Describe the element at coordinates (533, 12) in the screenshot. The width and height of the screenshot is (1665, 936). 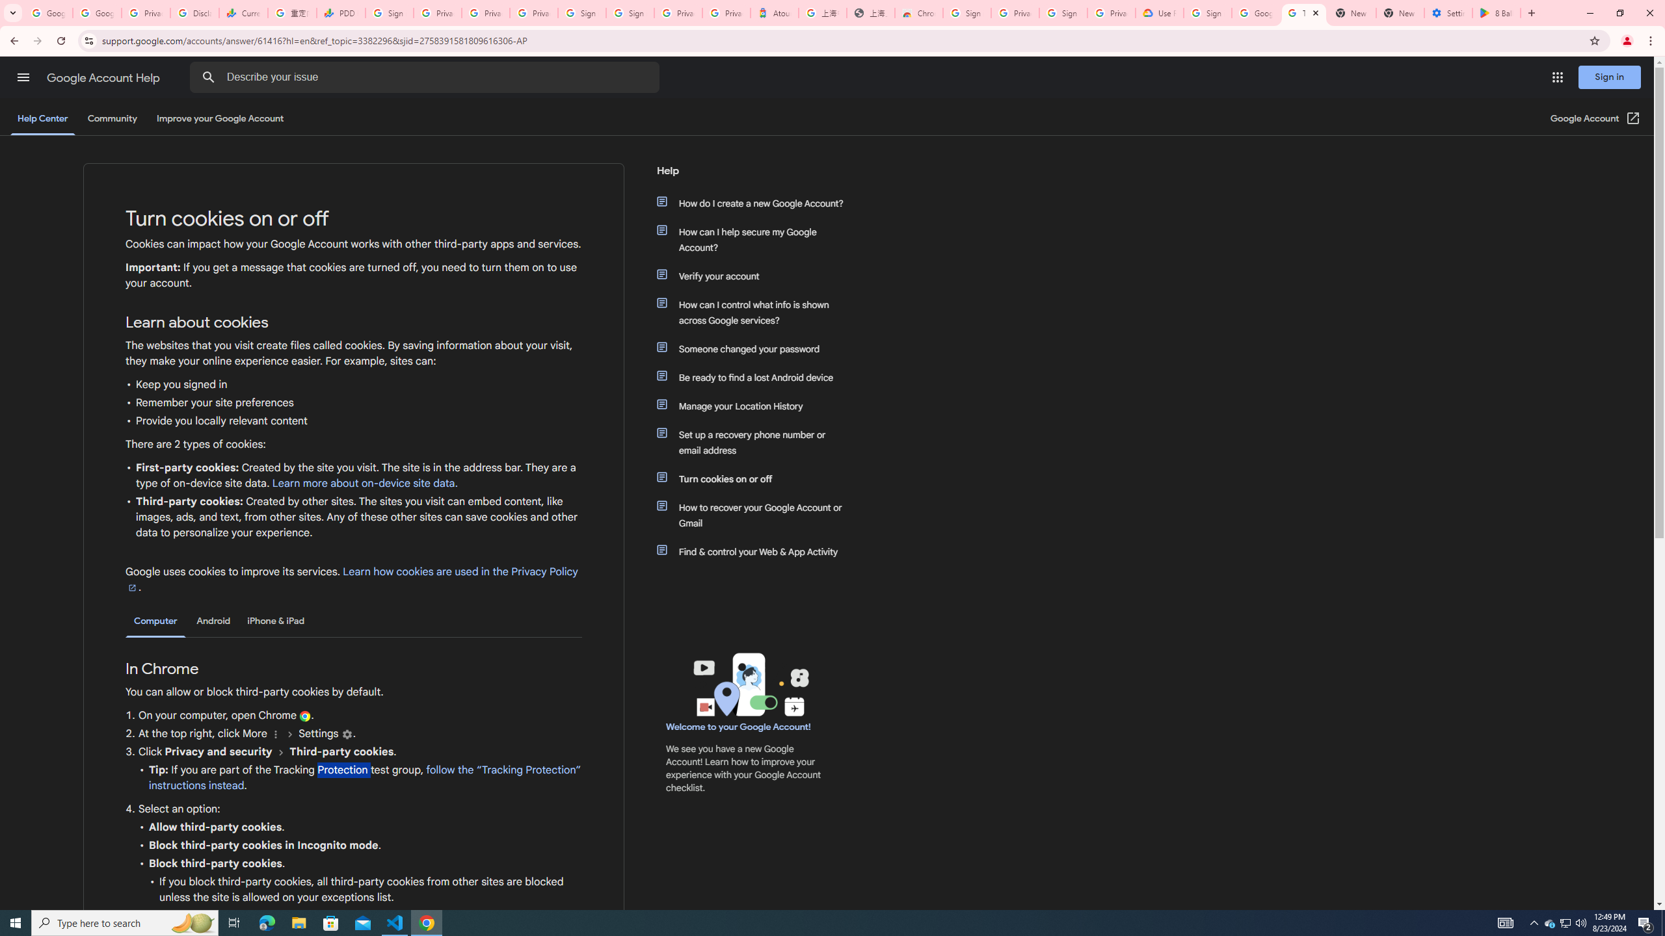
I see `'Privacy Checkup'` at that location.